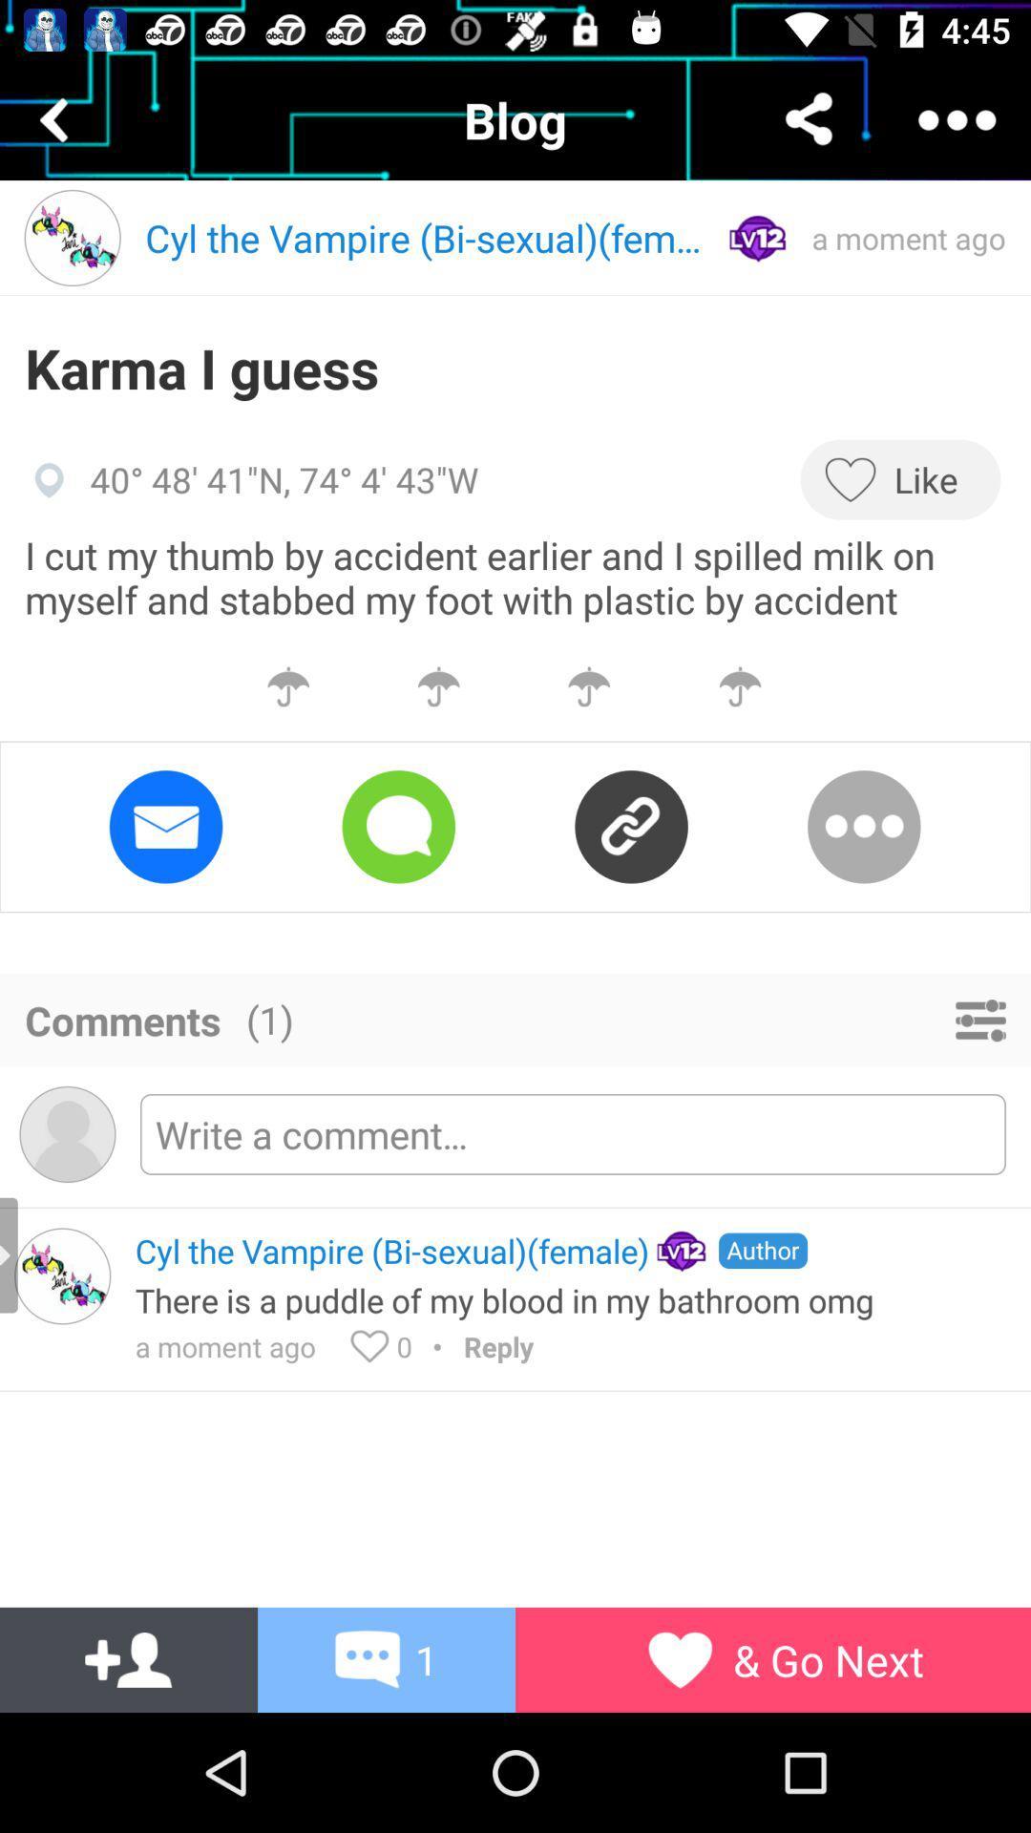  Describe the element at coordinates (129, 1658) in the screenshot. I see `the font icon` at that location.